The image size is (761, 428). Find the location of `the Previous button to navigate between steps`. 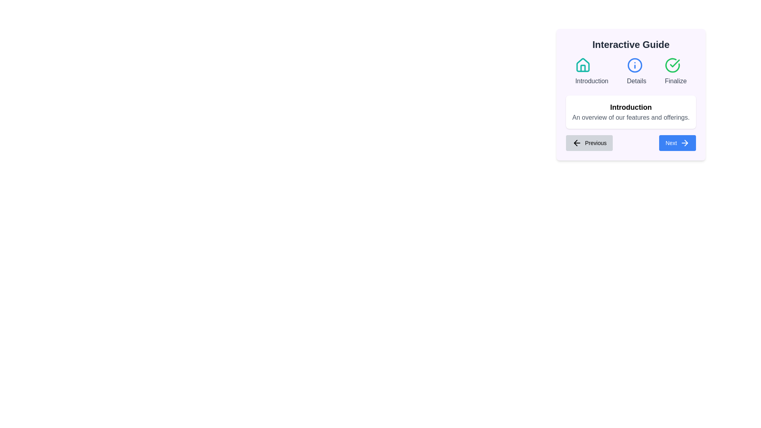

the Previous button to navigate between steps is located at coordinates (589, 143).